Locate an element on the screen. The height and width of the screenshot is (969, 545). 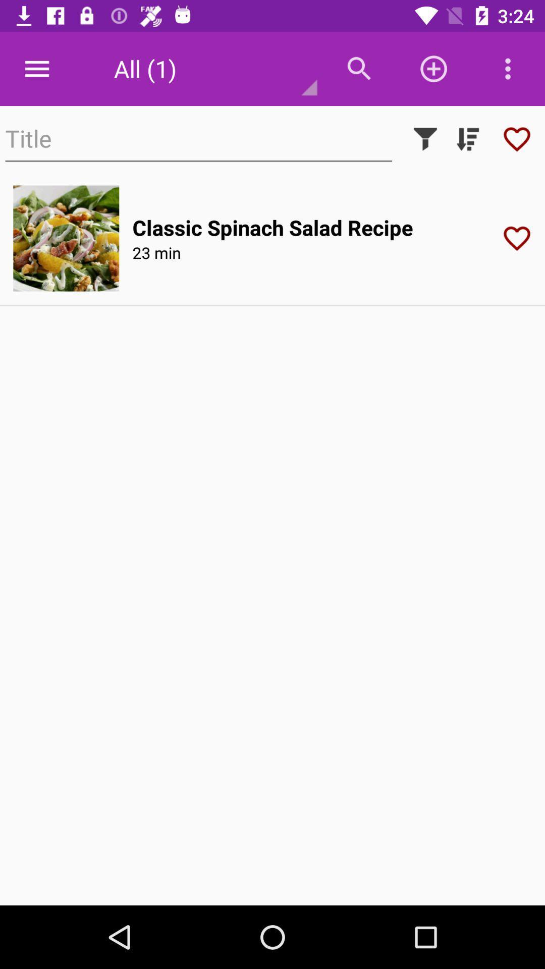
recipe is located at coordinates (517, 138).